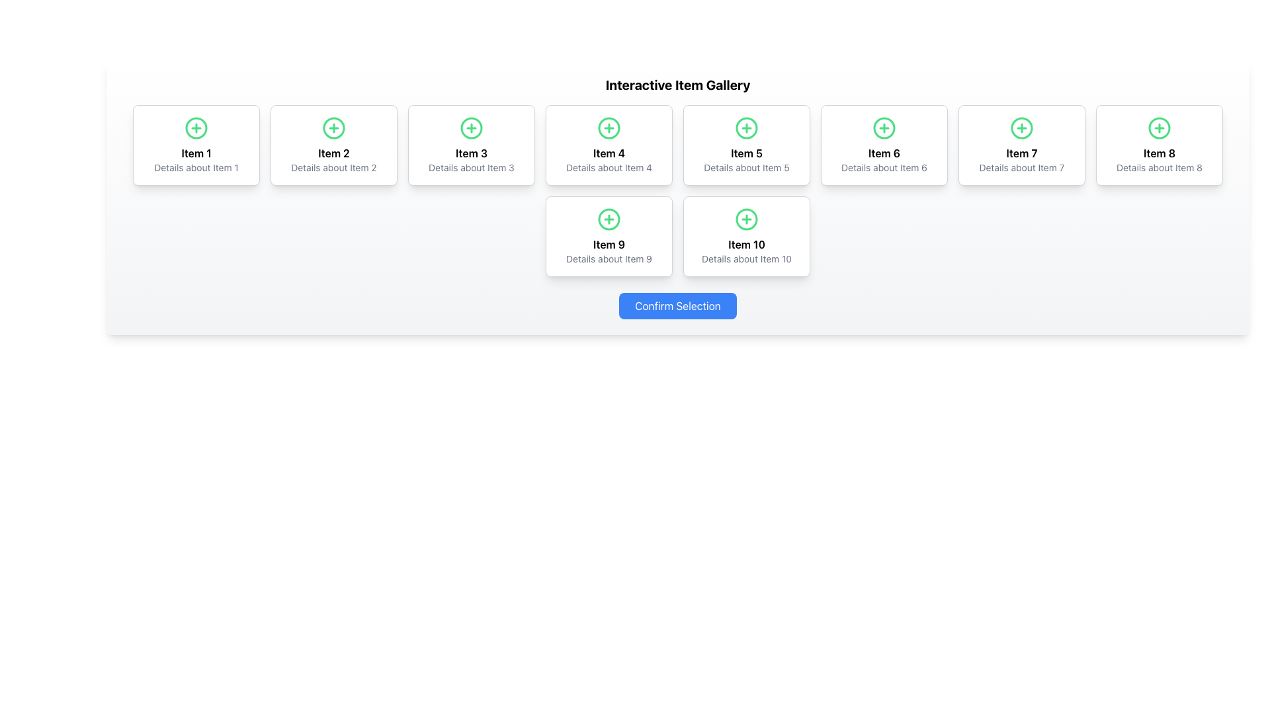 This screenshot has width=1270, height=714. Describe the element at coordinates (609, 259) in the screenshot. I see `the text label displaying 'Details about Item 9', located beneath the 'Item 9' title in the card layout` at that location.